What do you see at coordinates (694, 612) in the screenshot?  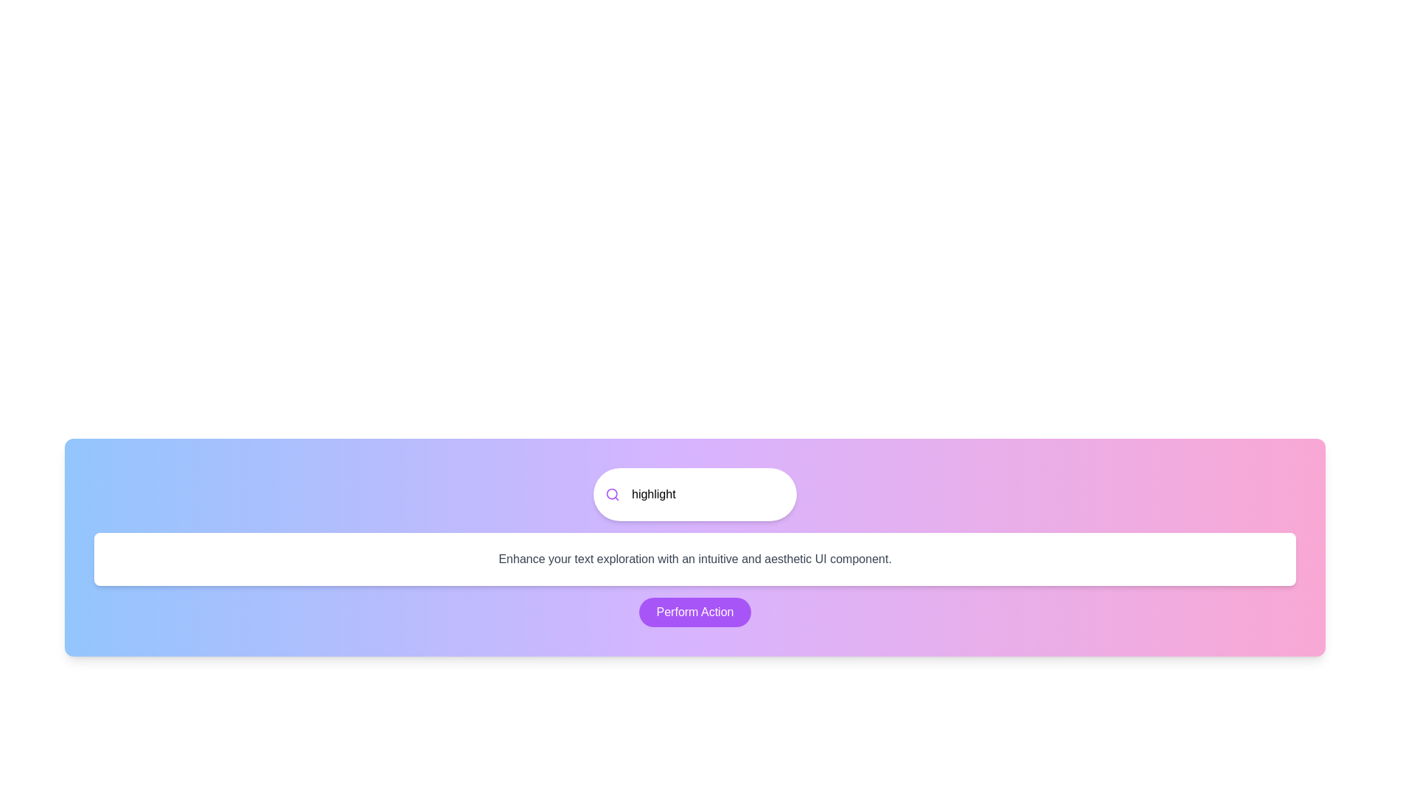 I see `the rounded rectangular button with purple background and white text that reads 'Perform Action'` at bounding box center [694, 612].